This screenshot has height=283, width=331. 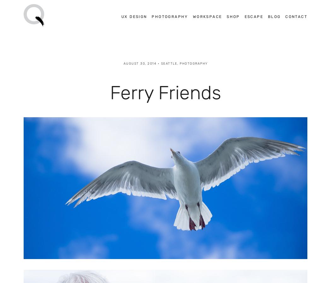 What do you see at coordinates (134, 16) in the screenshot?
I see `'UX DESIGN'` at bounding box center [134, 16].